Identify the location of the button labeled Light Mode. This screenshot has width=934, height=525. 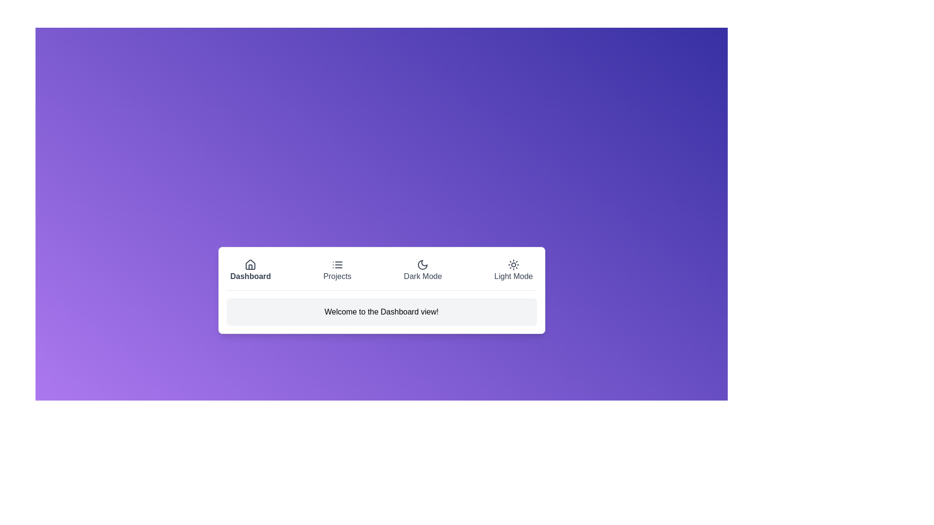
(513, 270).